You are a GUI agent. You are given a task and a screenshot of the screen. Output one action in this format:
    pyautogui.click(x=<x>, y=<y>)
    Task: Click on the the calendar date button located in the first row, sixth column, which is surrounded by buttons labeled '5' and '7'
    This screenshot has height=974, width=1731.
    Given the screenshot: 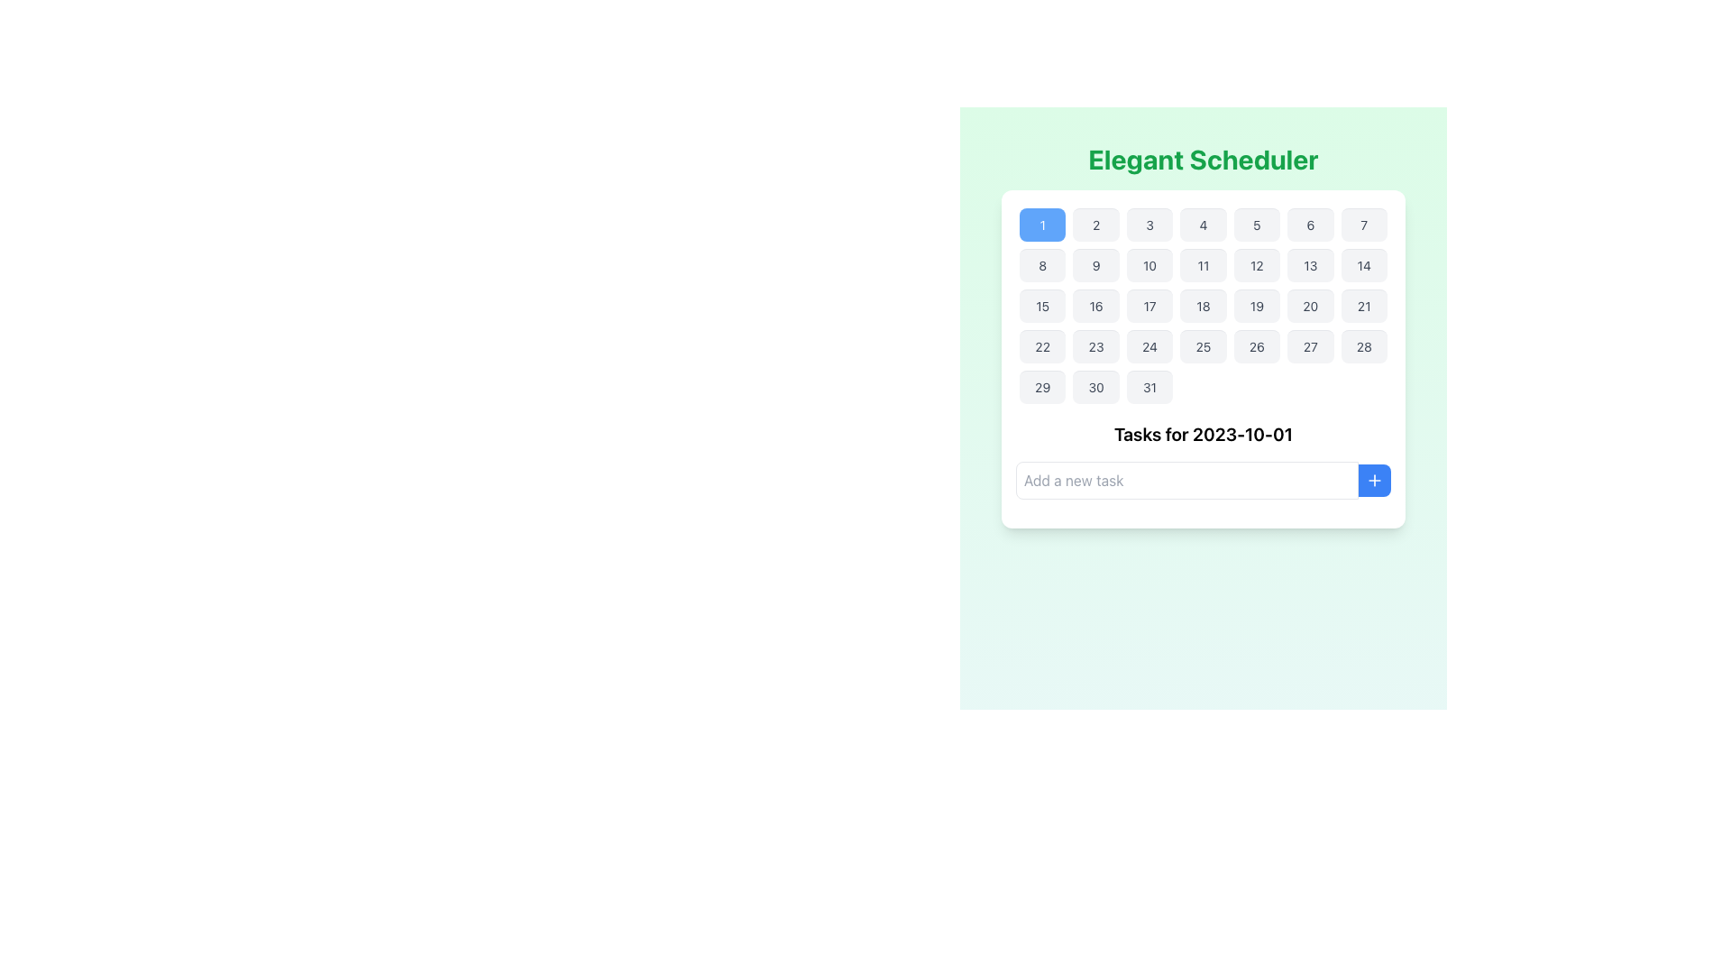 What is the action you would take?
    pyautogui.click(x=1310, y=224)
    